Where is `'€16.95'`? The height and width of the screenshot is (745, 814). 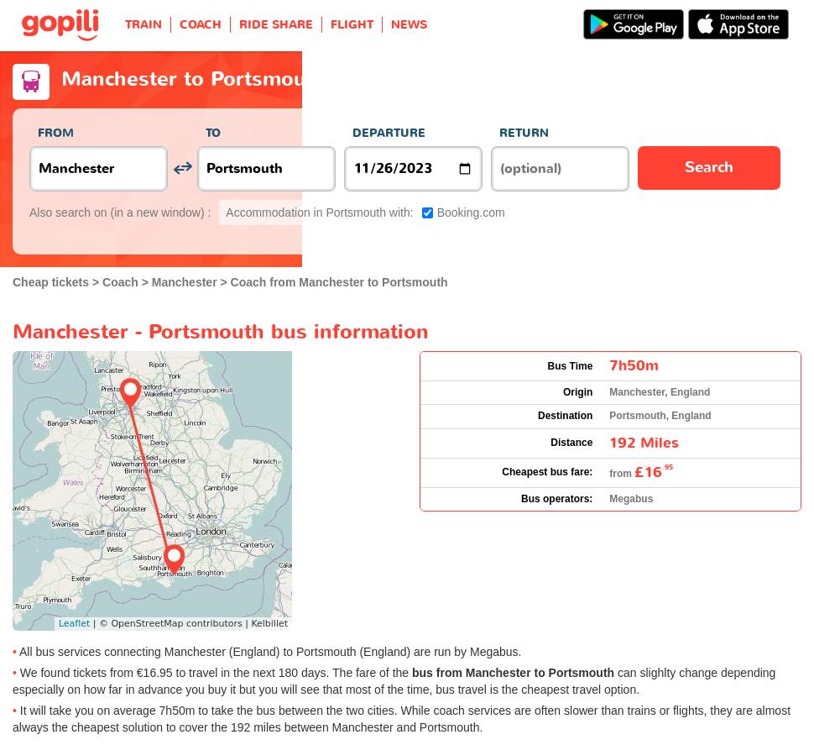
'€16.95' is located at coordinates (153, 672).